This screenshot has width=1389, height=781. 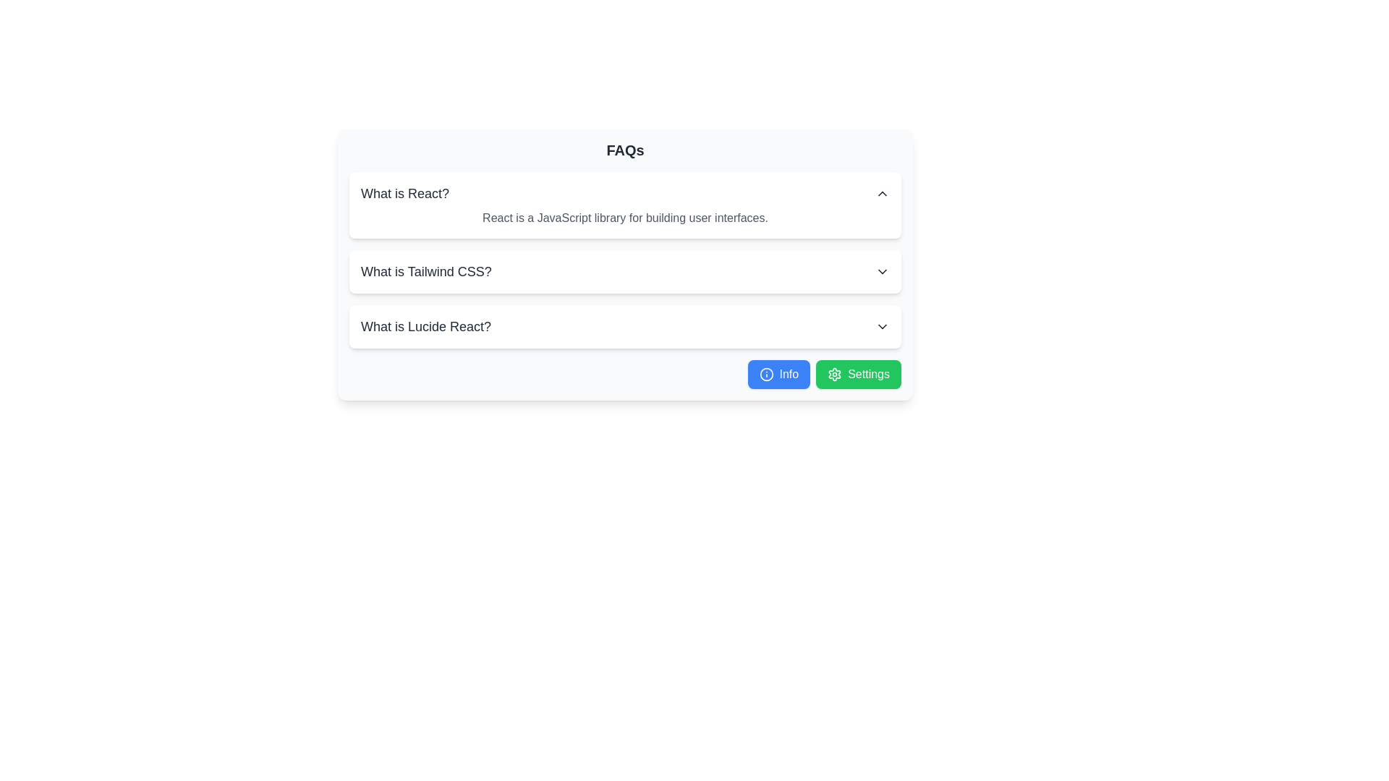 What do you see at coordinates (881, 326) in the screenshot?
I see `the expand/collapse icon for the 'What is Lucide React?' FAQ entry, which is positioned on the far right of the entry` at bounding box center [881, 326].